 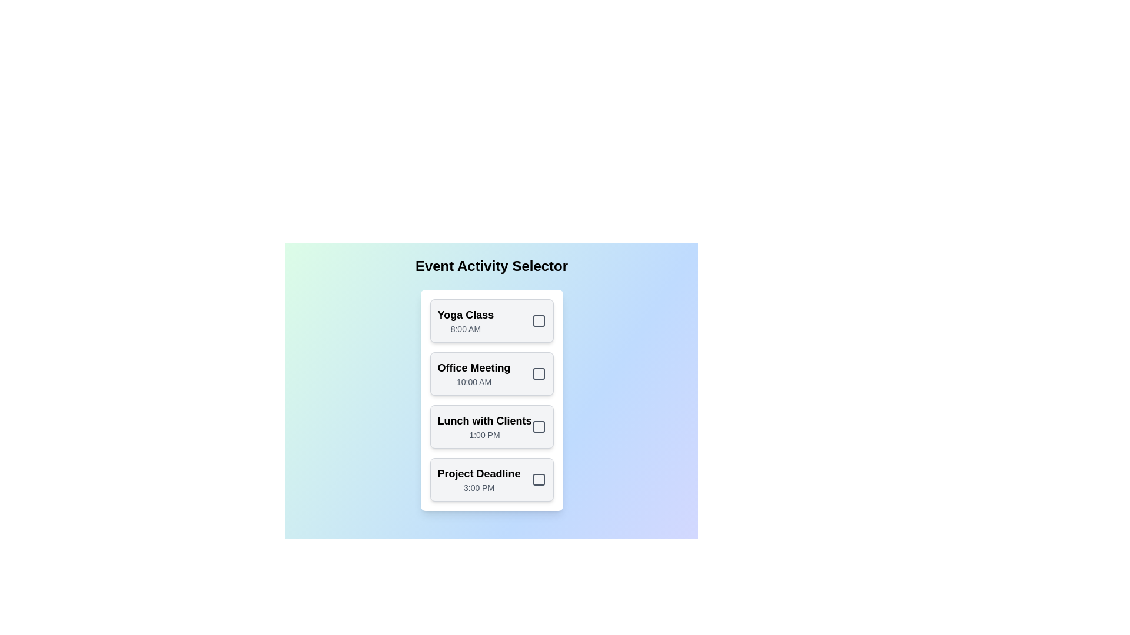 What do you see at coordinates (491, 480) in the screenshot?
I see `the activity card for Project Deadline` at bounding box center [491, 480].